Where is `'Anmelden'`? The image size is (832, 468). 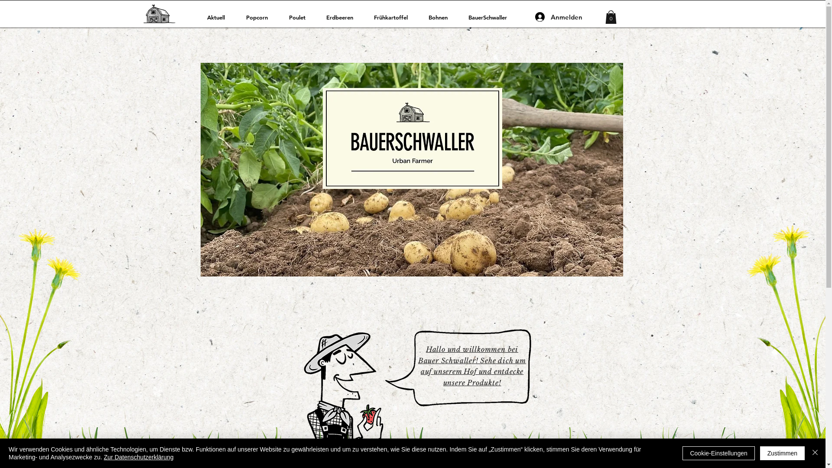
'Anmelden' is located at coordinates (528, 16).